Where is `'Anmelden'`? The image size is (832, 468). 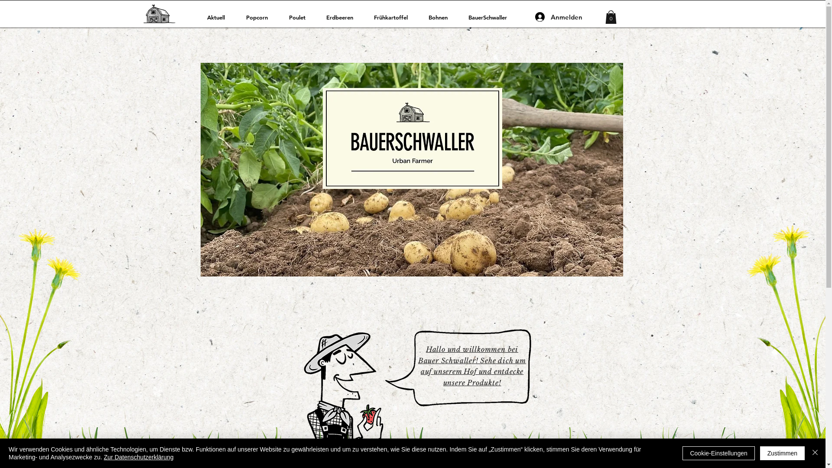
'Anmelden' is located at coordinates (528, 16).